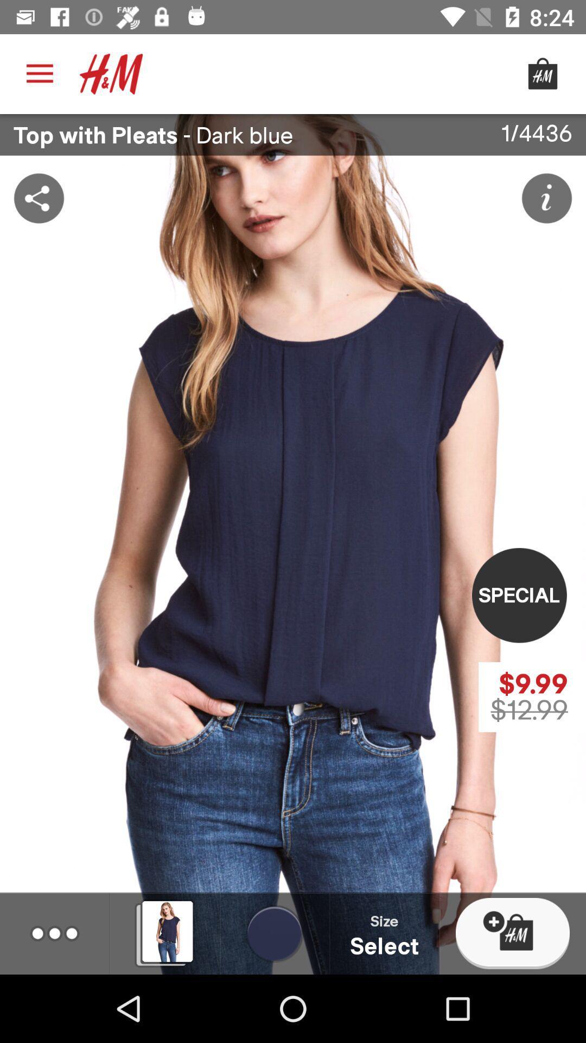  I want to click on information icon, so click(546, 198).